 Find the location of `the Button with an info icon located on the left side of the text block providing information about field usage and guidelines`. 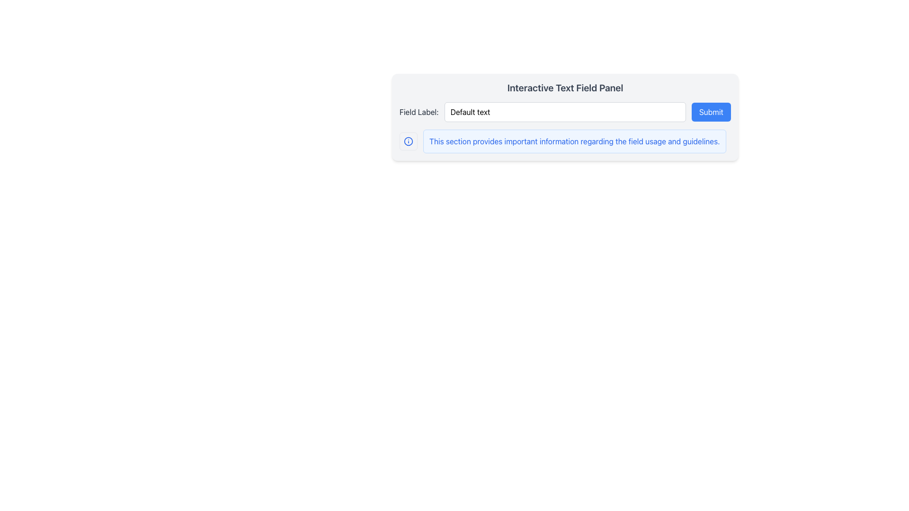

the Button with an info icon located on the left side of the text block providing information about field usage and guidelines is located at coordinates (409, 141).